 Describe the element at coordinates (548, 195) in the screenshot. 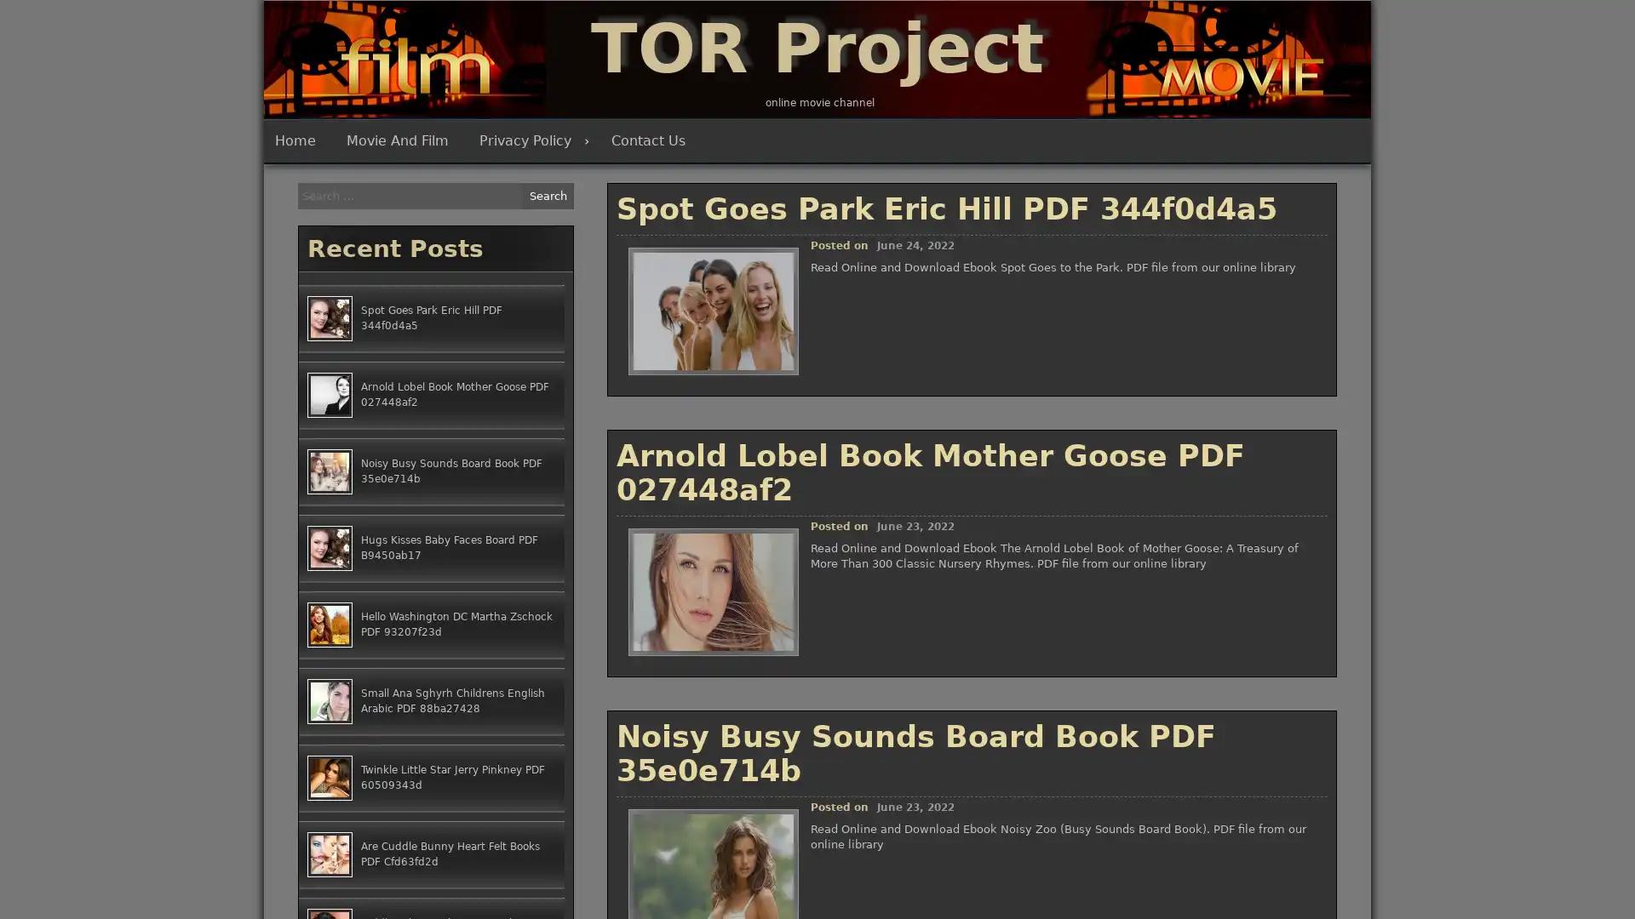

I see `Search` at that location.